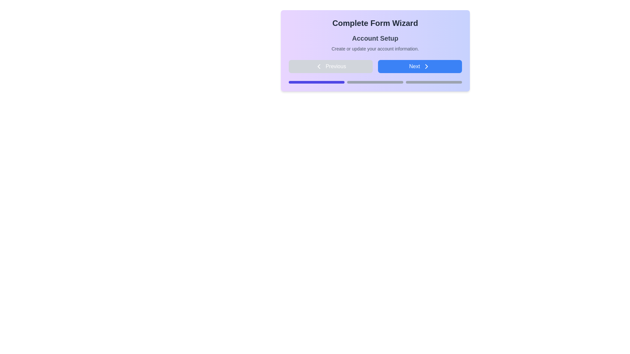  I want to click on the informational label that clarifies the purpose of the 'Account Setup' section, which is positioned below the 'Account Setup' heading and is horizontally centered within the main content box of the 'Complete Form Wizard', so click(375, 49).